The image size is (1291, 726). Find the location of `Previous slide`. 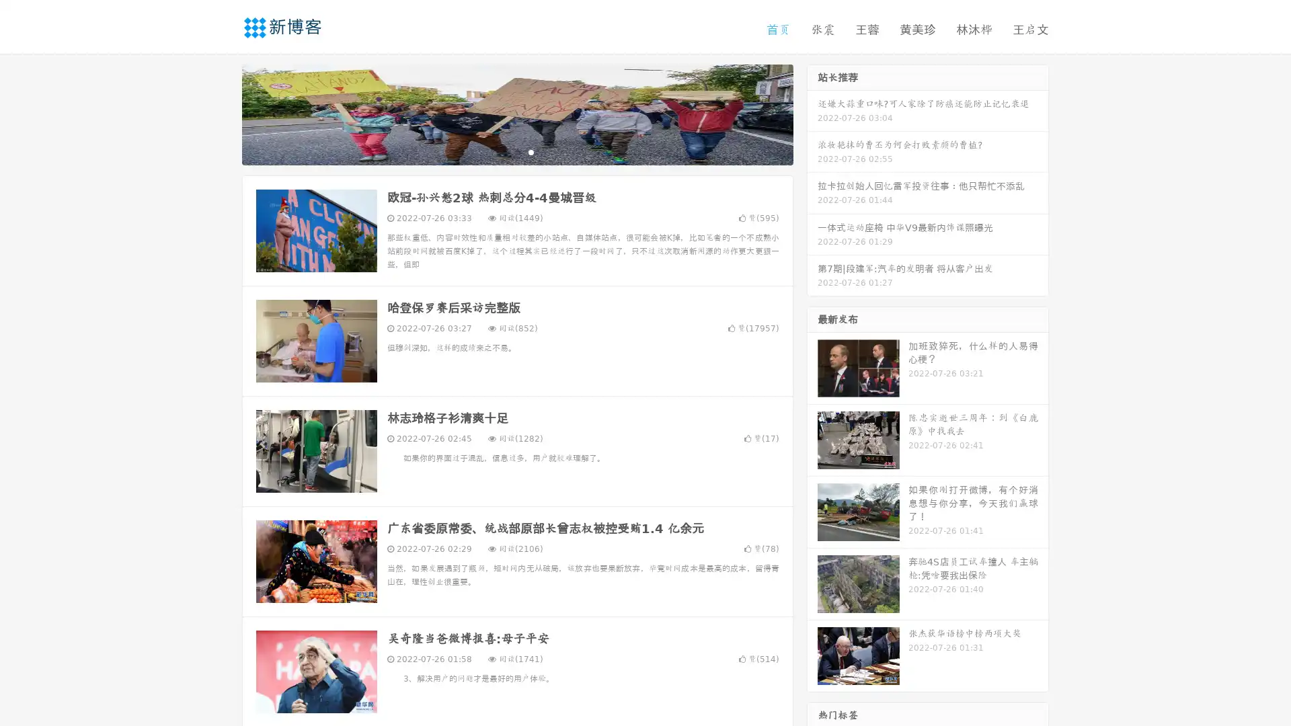

Previous slide is located at coordinates (222, 113).